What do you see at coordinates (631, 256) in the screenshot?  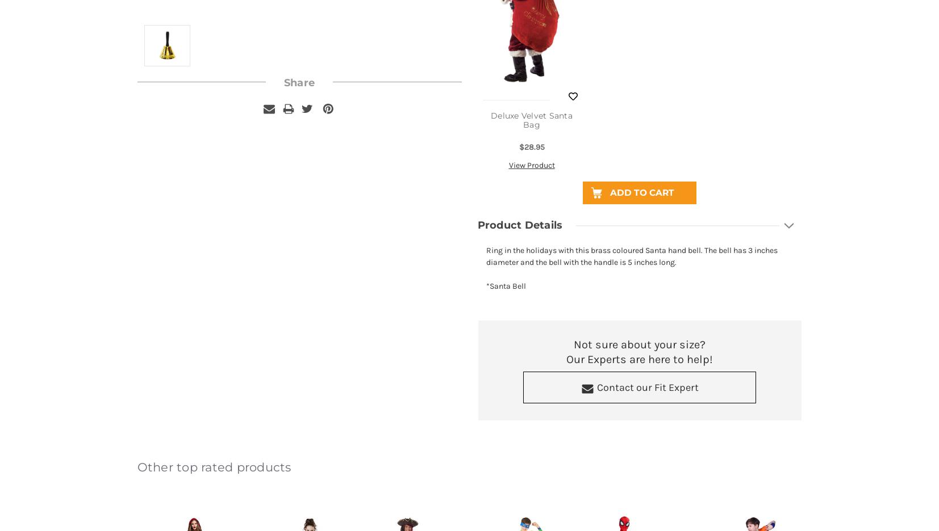 I see `'Ring in the holidays with this brass coloured Santa hand bell. The bell has 3 inches diameter and the bell with the handle is 5 inches long.'` at bounding box center [631, 256].